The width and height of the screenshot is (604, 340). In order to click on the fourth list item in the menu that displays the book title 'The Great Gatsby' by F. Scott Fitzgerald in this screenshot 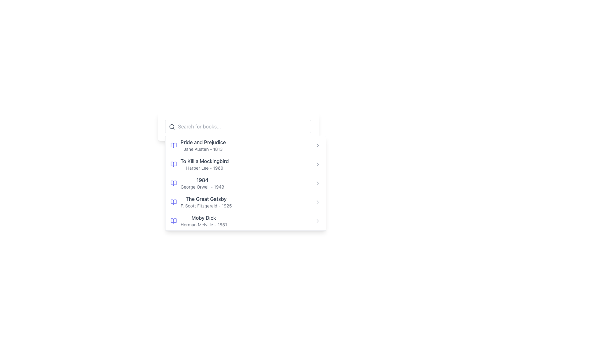, I will do `click(245, 202)`.